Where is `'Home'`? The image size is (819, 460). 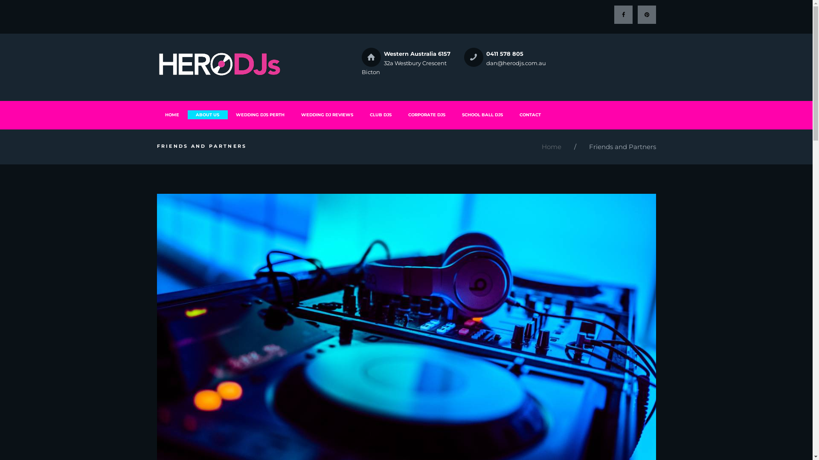 'Home' is located at coordinates (541, 147).